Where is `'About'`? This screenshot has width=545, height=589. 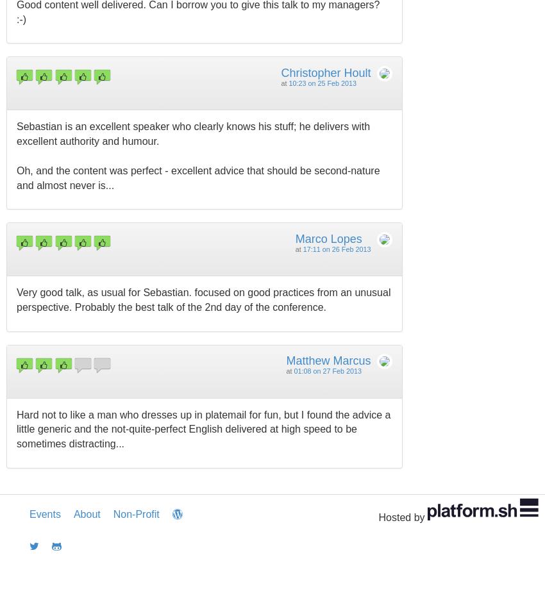 'About' is located at coordinates (86, 514).